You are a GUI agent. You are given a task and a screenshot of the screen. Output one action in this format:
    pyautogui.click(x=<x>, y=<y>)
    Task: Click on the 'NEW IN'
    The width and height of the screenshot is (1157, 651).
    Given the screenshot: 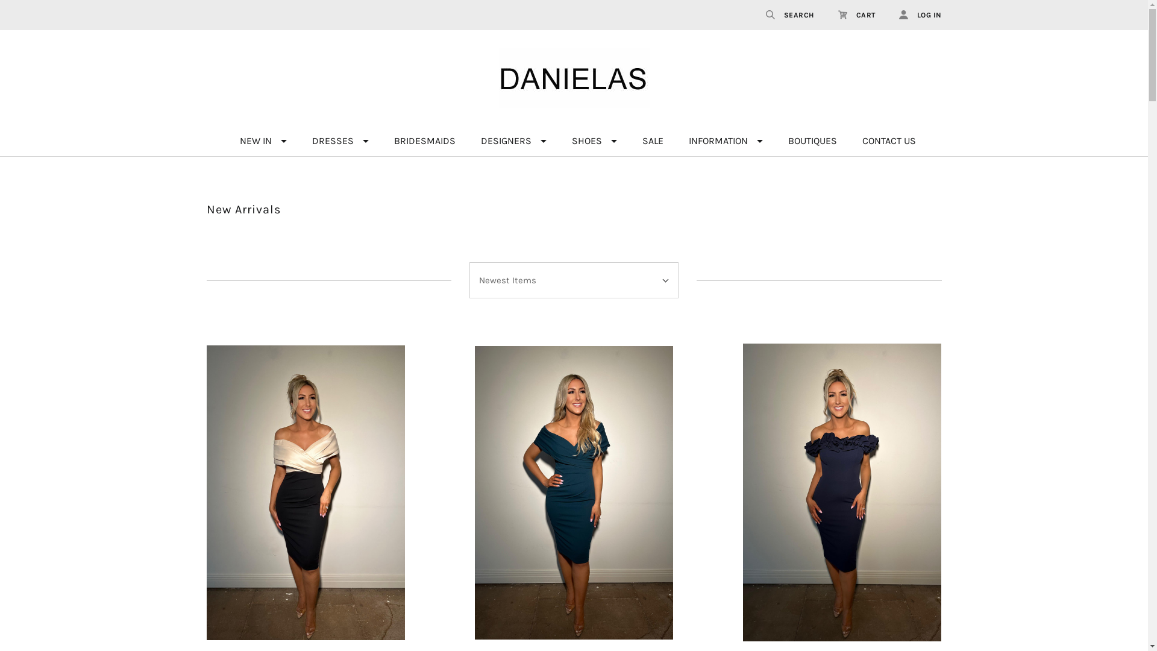 What is the action you would take?
    pyautogui.click(x=262, y=140)
    